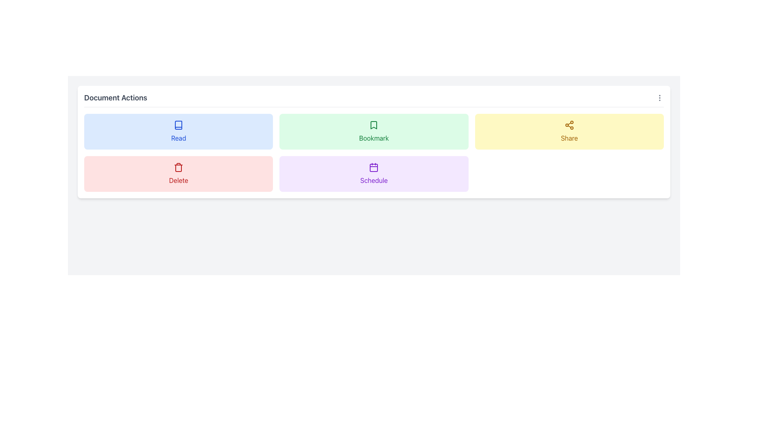 The height and width of the screenshot is (439, 781). What do you see at coordinates (569, 131) in the screenshot?
I see `the third button in the grid layout that initiates the sharing action` at bounding box center [569, 131].